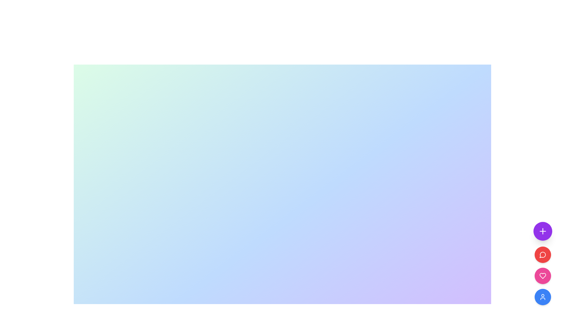  What do you see at coordinates (543, 276) in the screenshot?
I see `the highlighted pink button with a heart icon` at bounding box center [543, 276].